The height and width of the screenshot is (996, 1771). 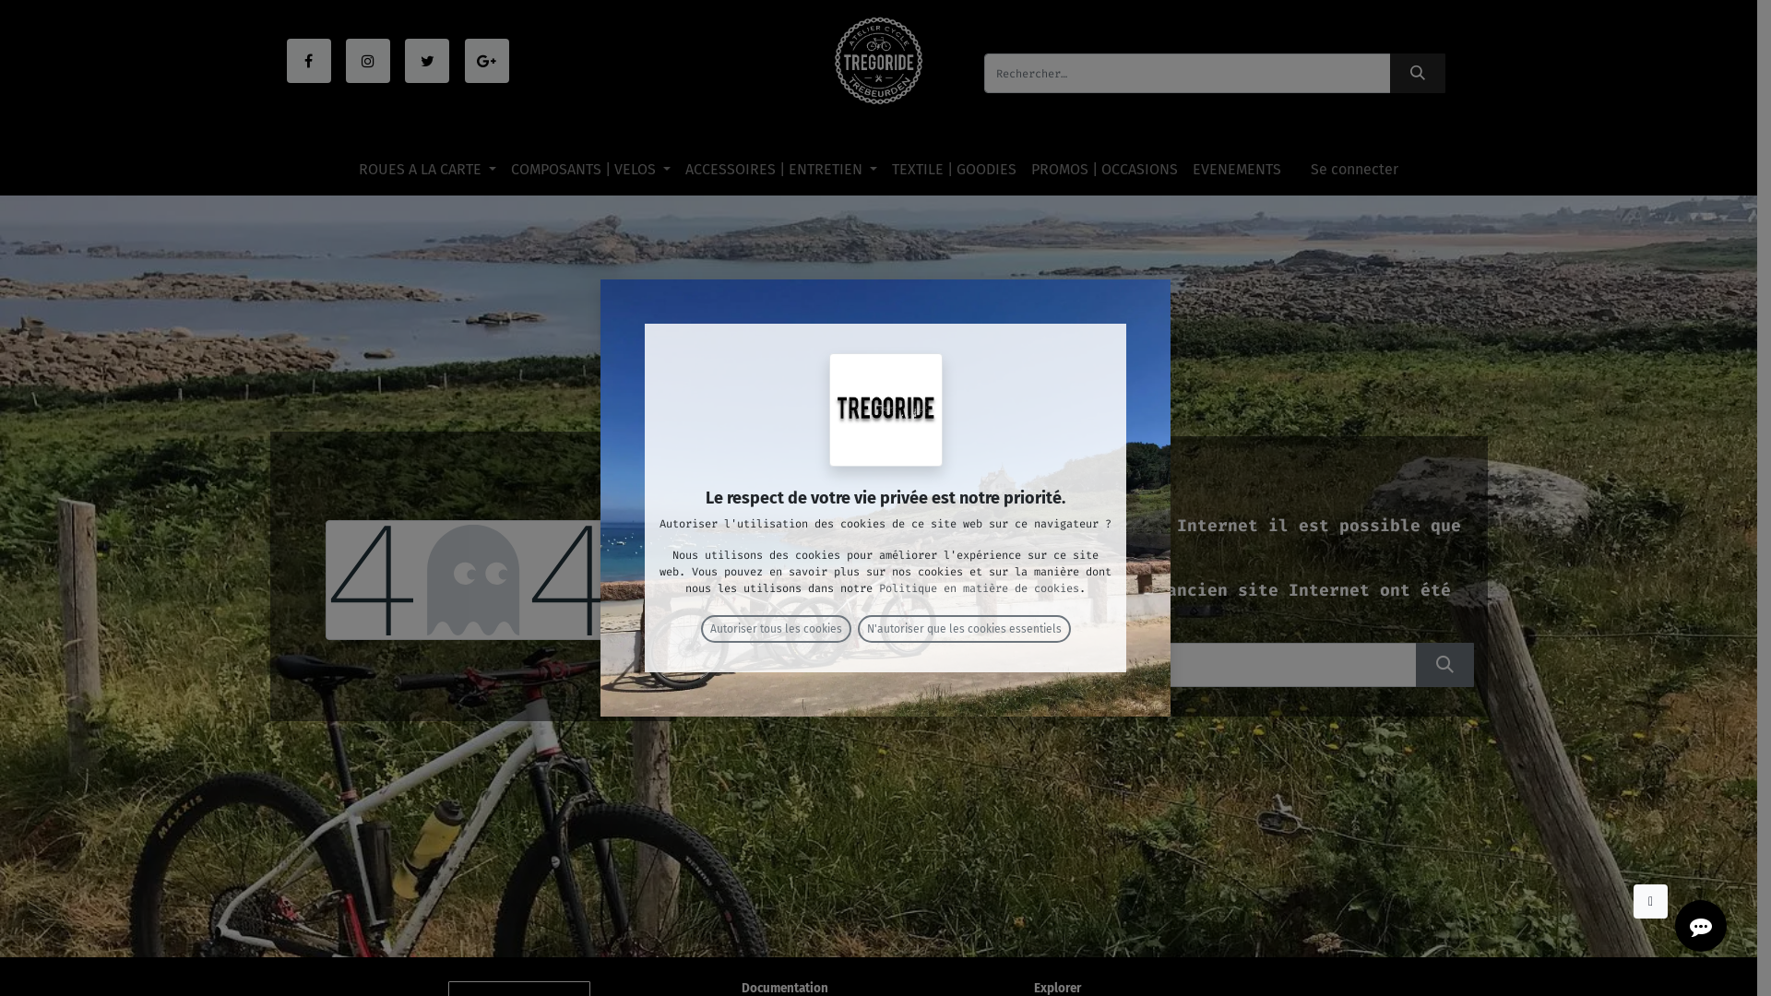 I want to click on 'EVENEMENTS', so click(x=1236, y=170).